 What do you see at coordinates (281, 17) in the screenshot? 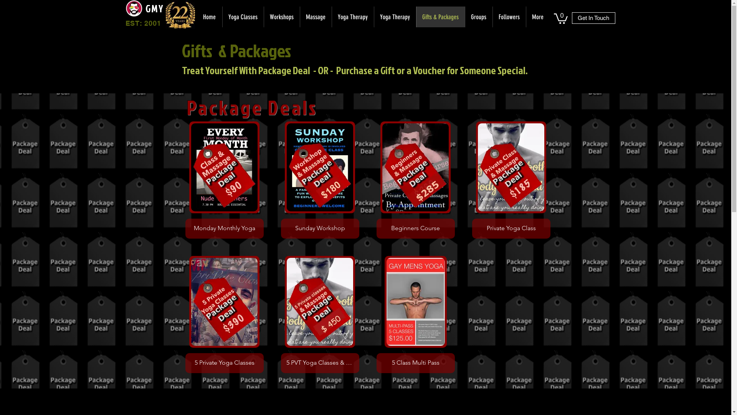
I see `'Workshops'` at bounding box center [281, 17].